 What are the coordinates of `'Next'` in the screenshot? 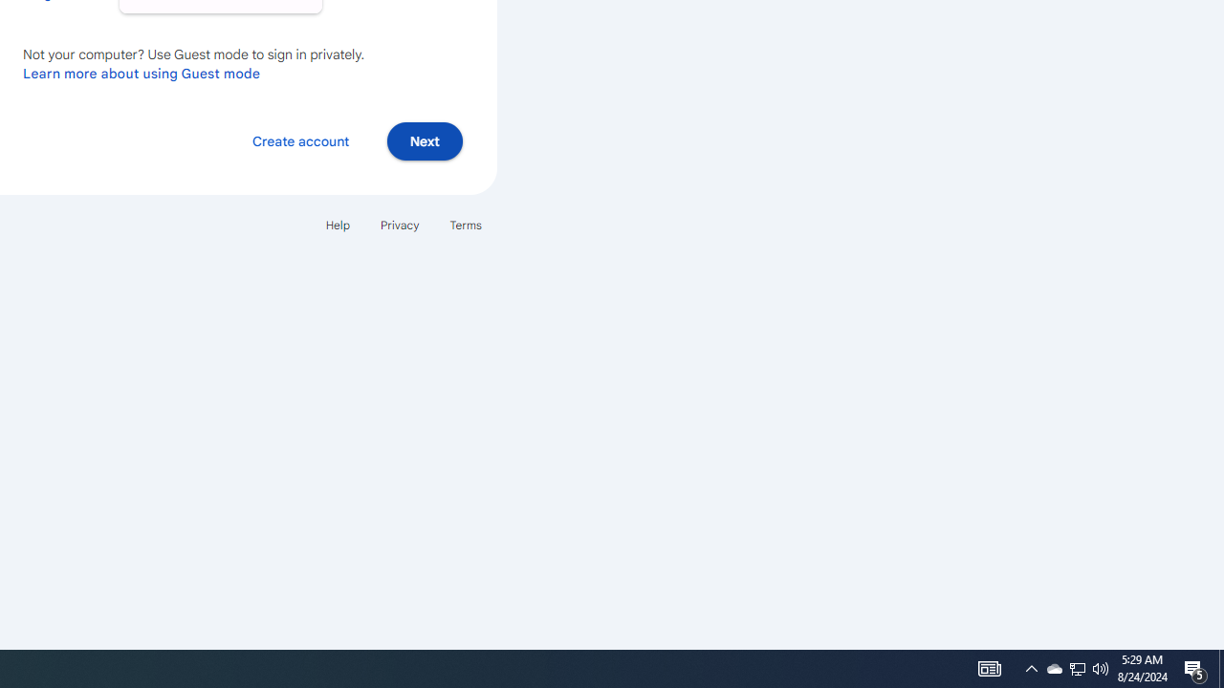 It's located at (424, 140).